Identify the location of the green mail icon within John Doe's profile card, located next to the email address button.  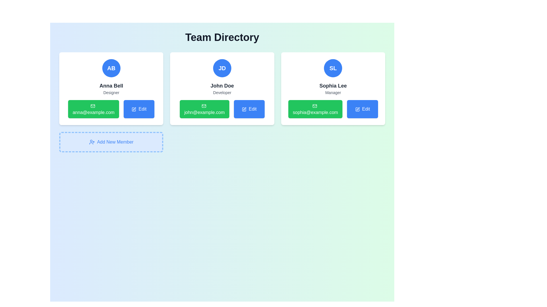
(204, 106).